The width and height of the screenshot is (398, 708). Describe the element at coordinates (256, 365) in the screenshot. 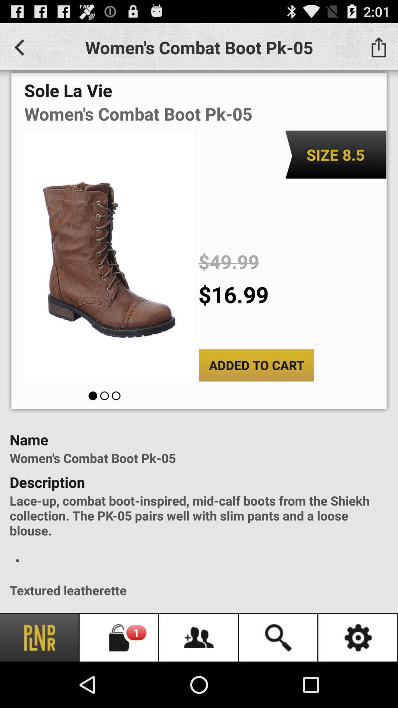

I see `icon below the $16.99 item` at that location.